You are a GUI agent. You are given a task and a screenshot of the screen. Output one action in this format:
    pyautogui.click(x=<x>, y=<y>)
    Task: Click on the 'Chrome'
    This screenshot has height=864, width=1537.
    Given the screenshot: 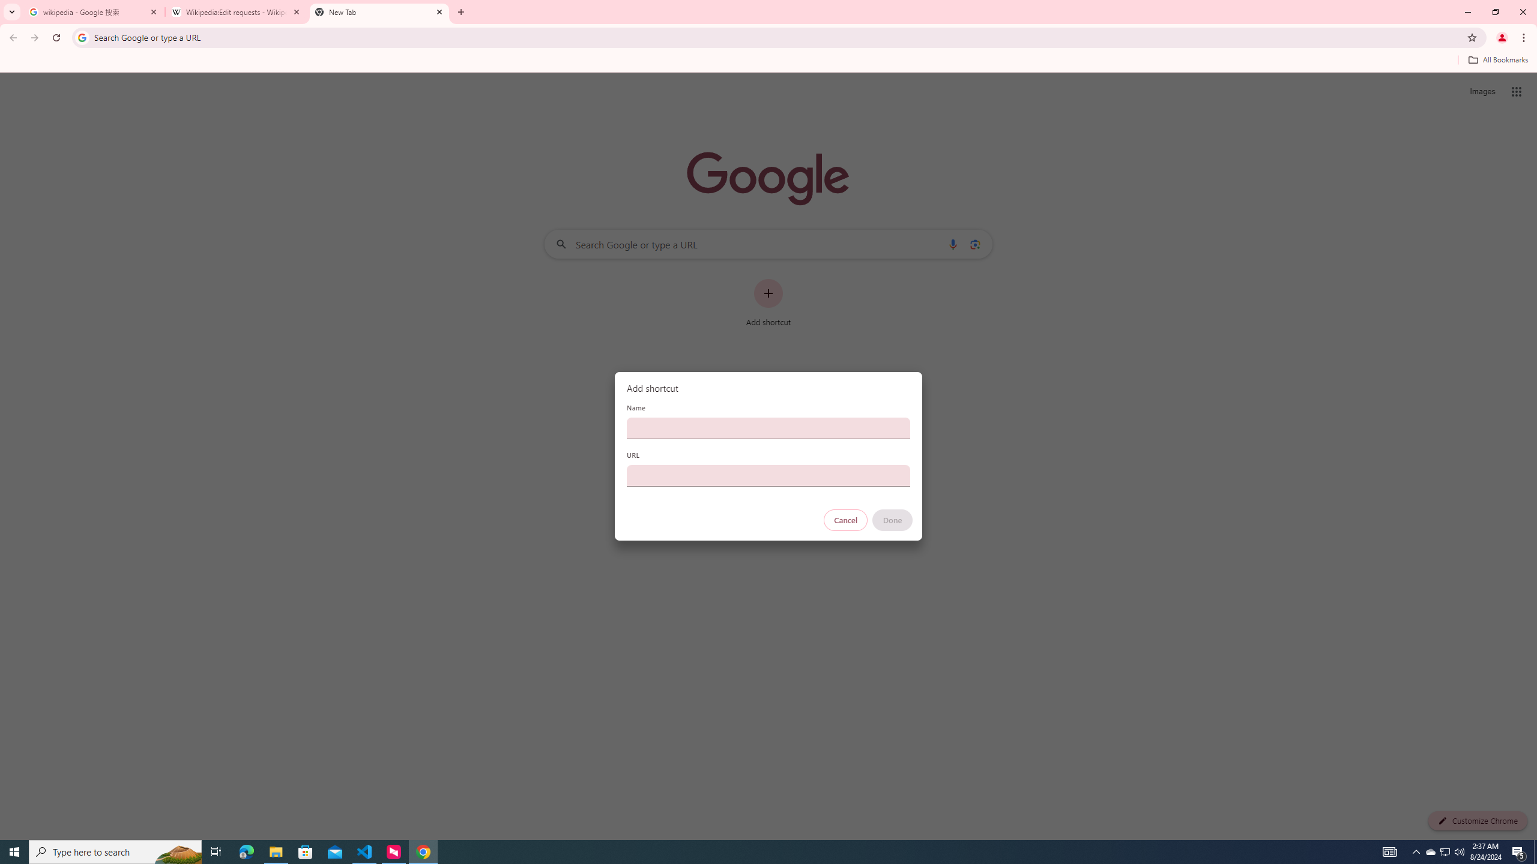 What is the action you would take?
    pyautogui.click(x=1524, y=37)
    